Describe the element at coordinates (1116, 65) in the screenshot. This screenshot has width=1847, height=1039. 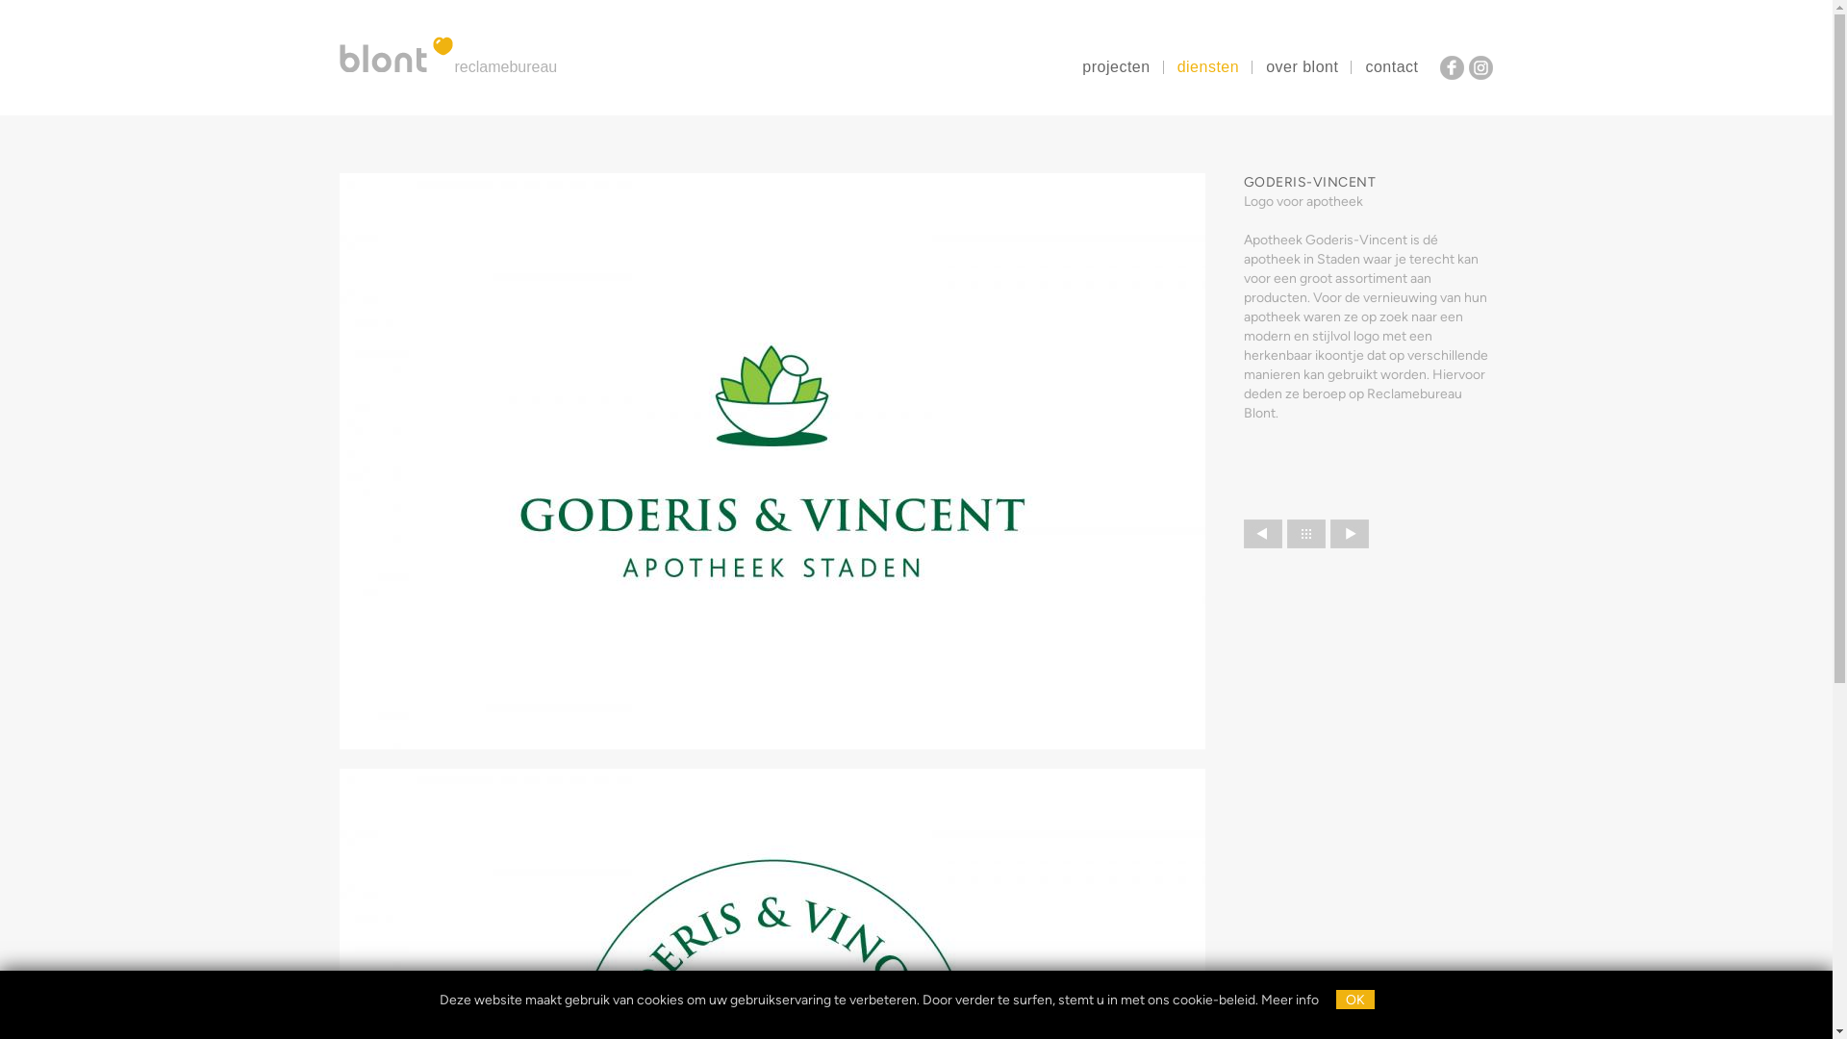
I see `'projecten'` at that location.